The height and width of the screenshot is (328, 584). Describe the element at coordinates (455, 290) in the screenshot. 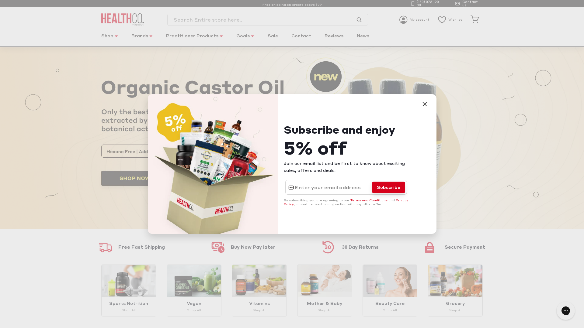

I see `'Grocery` at that location.